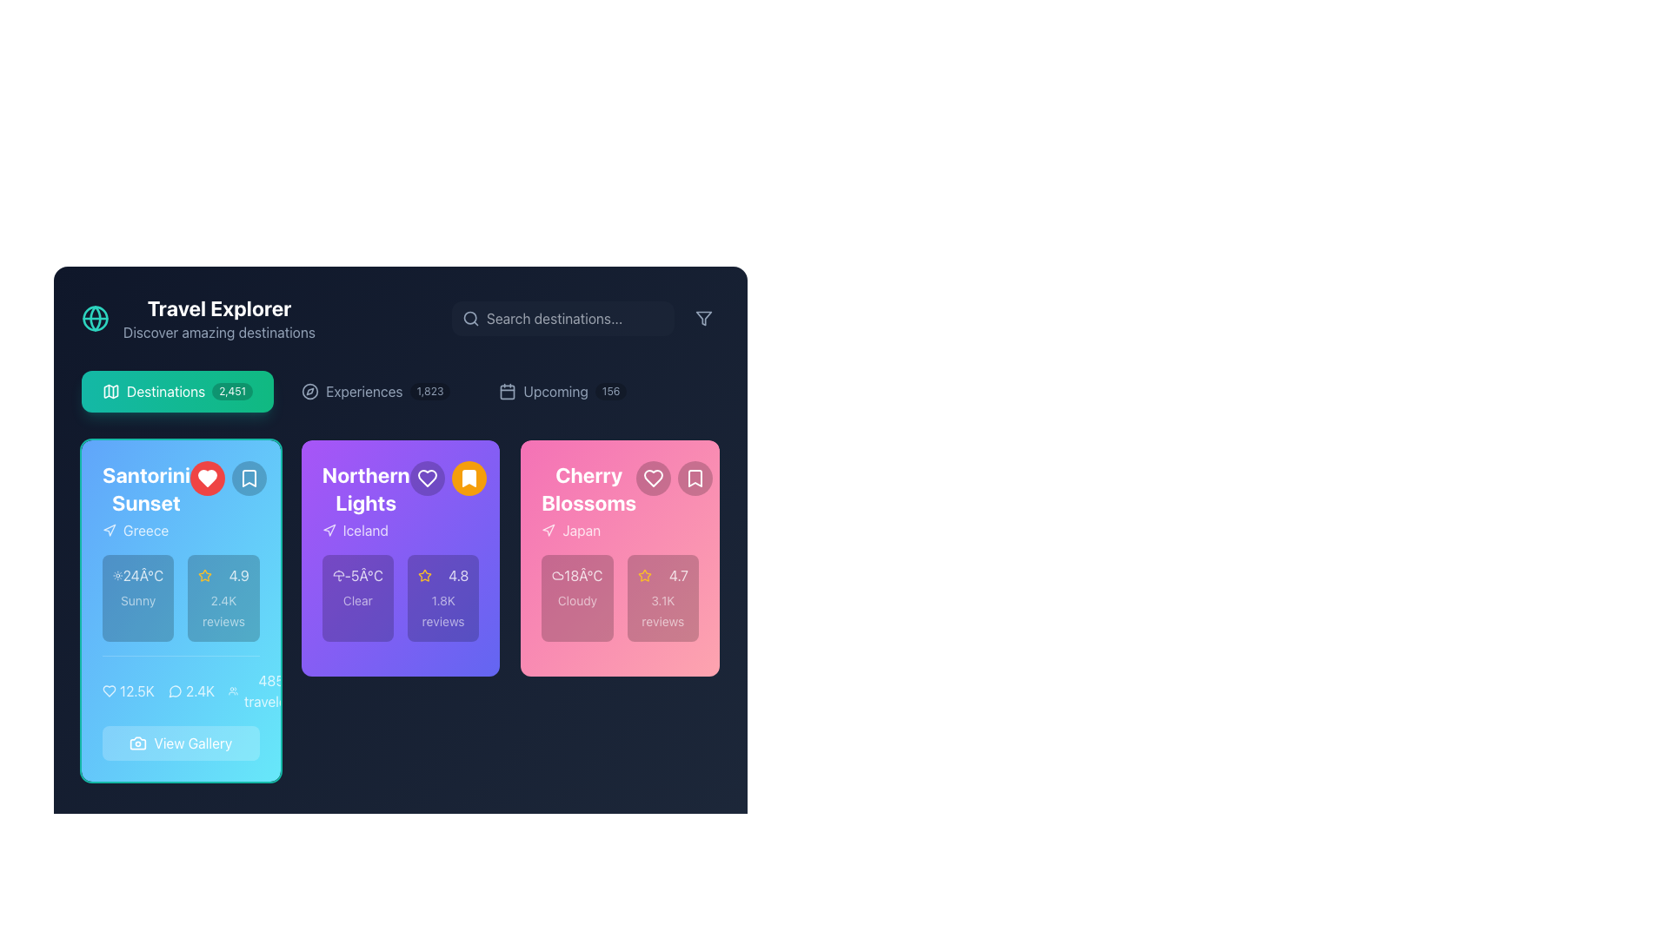 Image resolution: width=1669 pixels, height=938 pixels. What do you see at coordinates (128, 690) in the screenshot?
I see `the heart-shaped icon with the numeric text '12.5K' located in the 'Santorini Sunset' section, positioned as the first item in a horizontal group of similar metric elements` at bounding box center [128, 690].